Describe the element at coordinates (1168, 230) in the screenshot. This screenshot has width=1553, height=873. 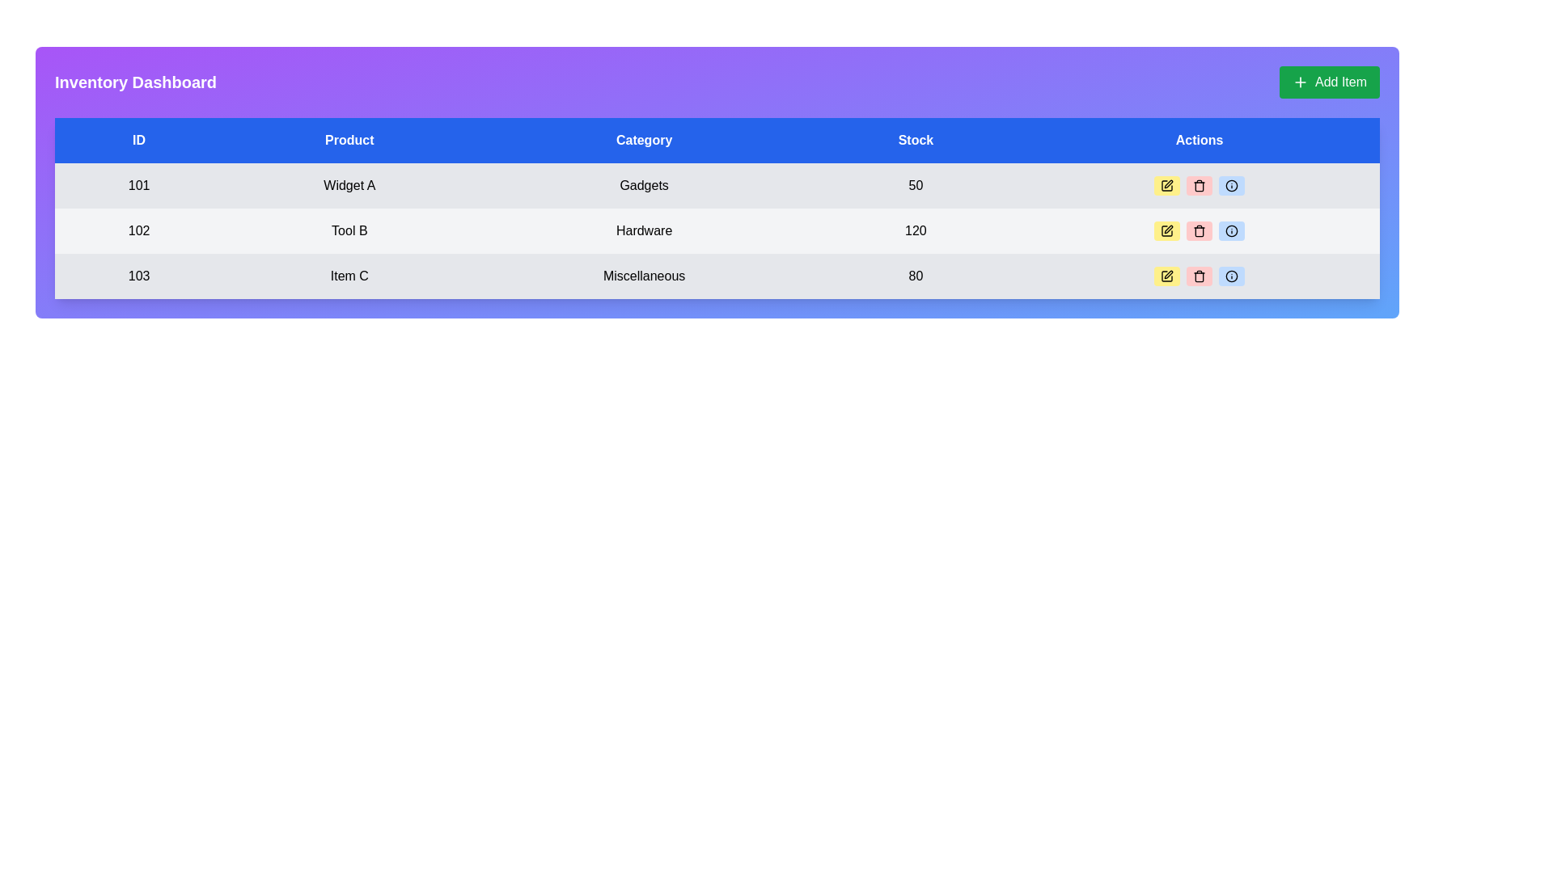
I see `the editing icon button located in the 'Actions' column of the table for the product labeled 'Tool B' to initiate editing` at that location.